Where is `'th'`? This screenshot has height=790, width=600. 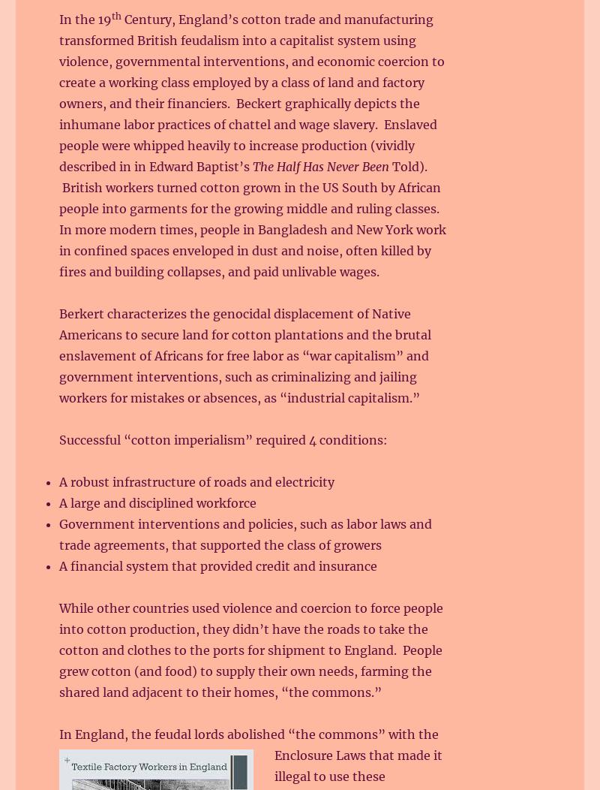
'th' is located at coordinates (111, 16).